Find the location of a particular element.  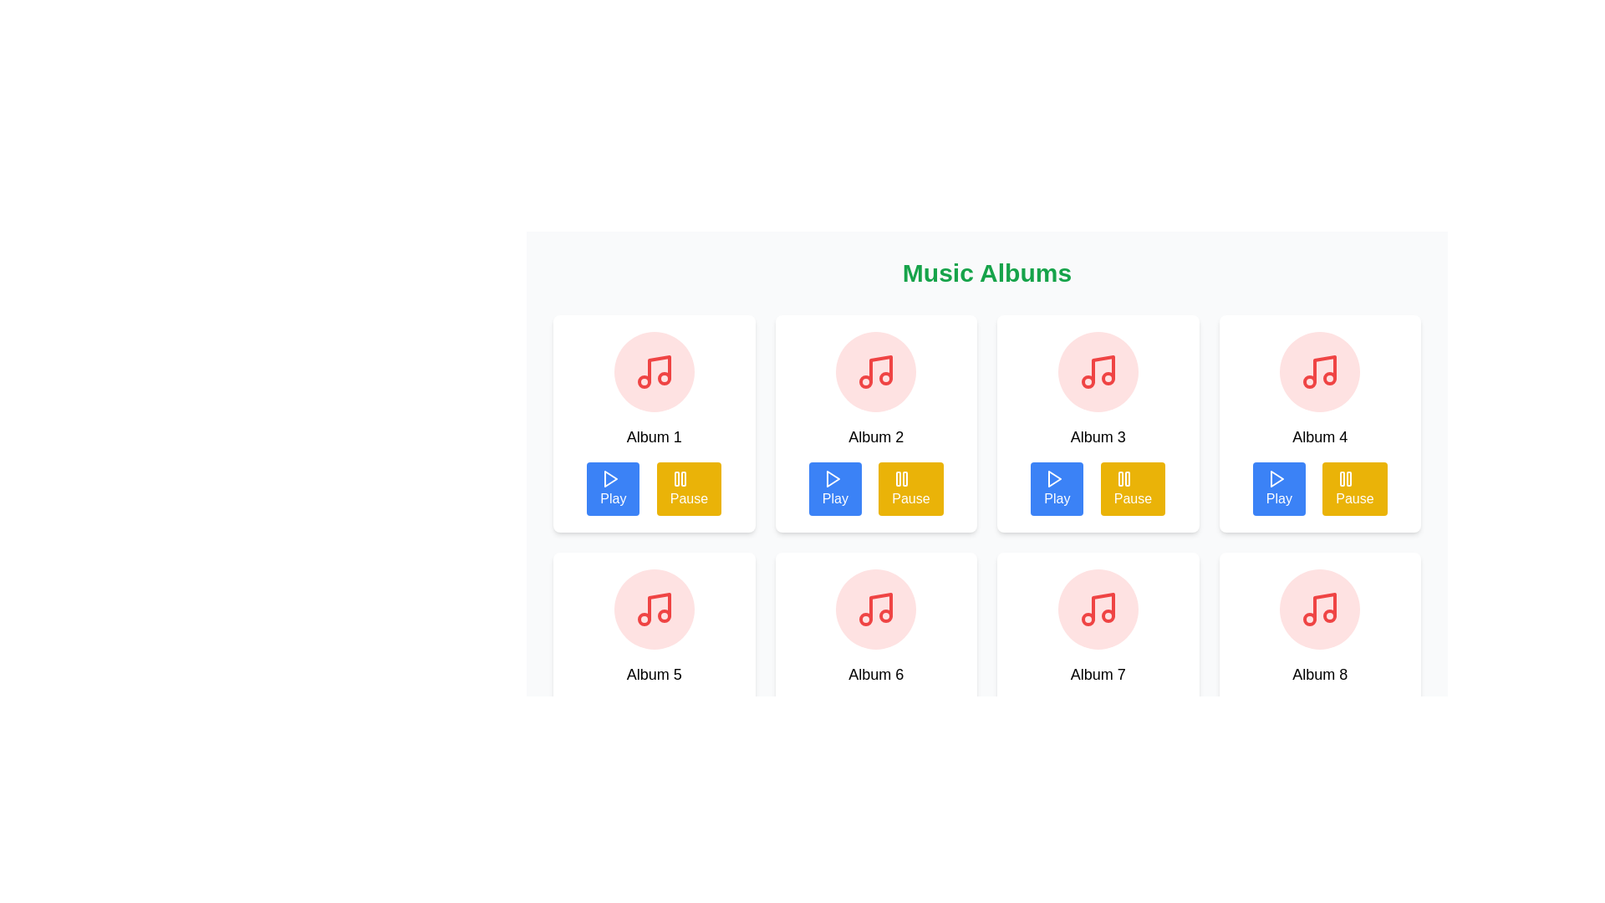

the text label for 'Album 3' which serves as a descriptive label for the album card, located in the top row, third column of a grid of album cards is located at coordinates (1098, 436).